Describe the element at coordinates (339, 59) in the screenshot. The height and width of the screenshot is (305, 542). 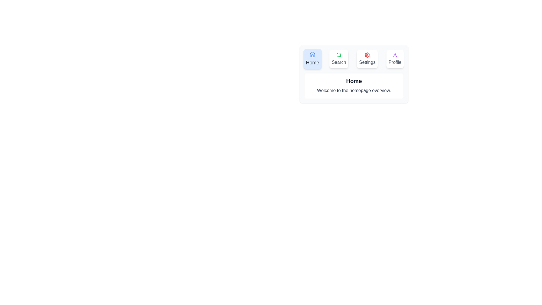
I see `the Search tab to switch its content` at that location.